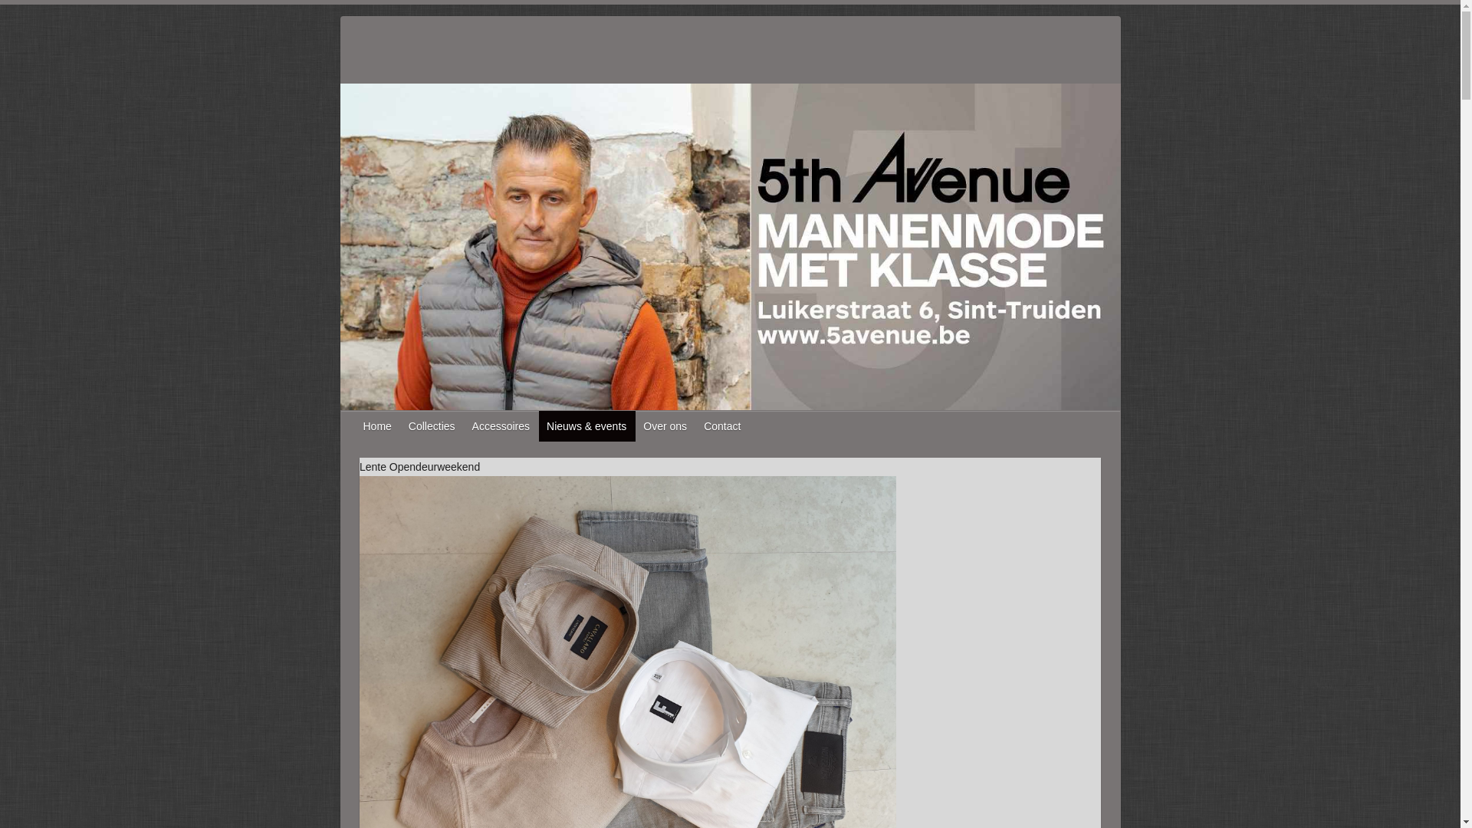  Describe the element at coordinates (432, 426) in the screenshot. I see `'Collecties'` at that location.